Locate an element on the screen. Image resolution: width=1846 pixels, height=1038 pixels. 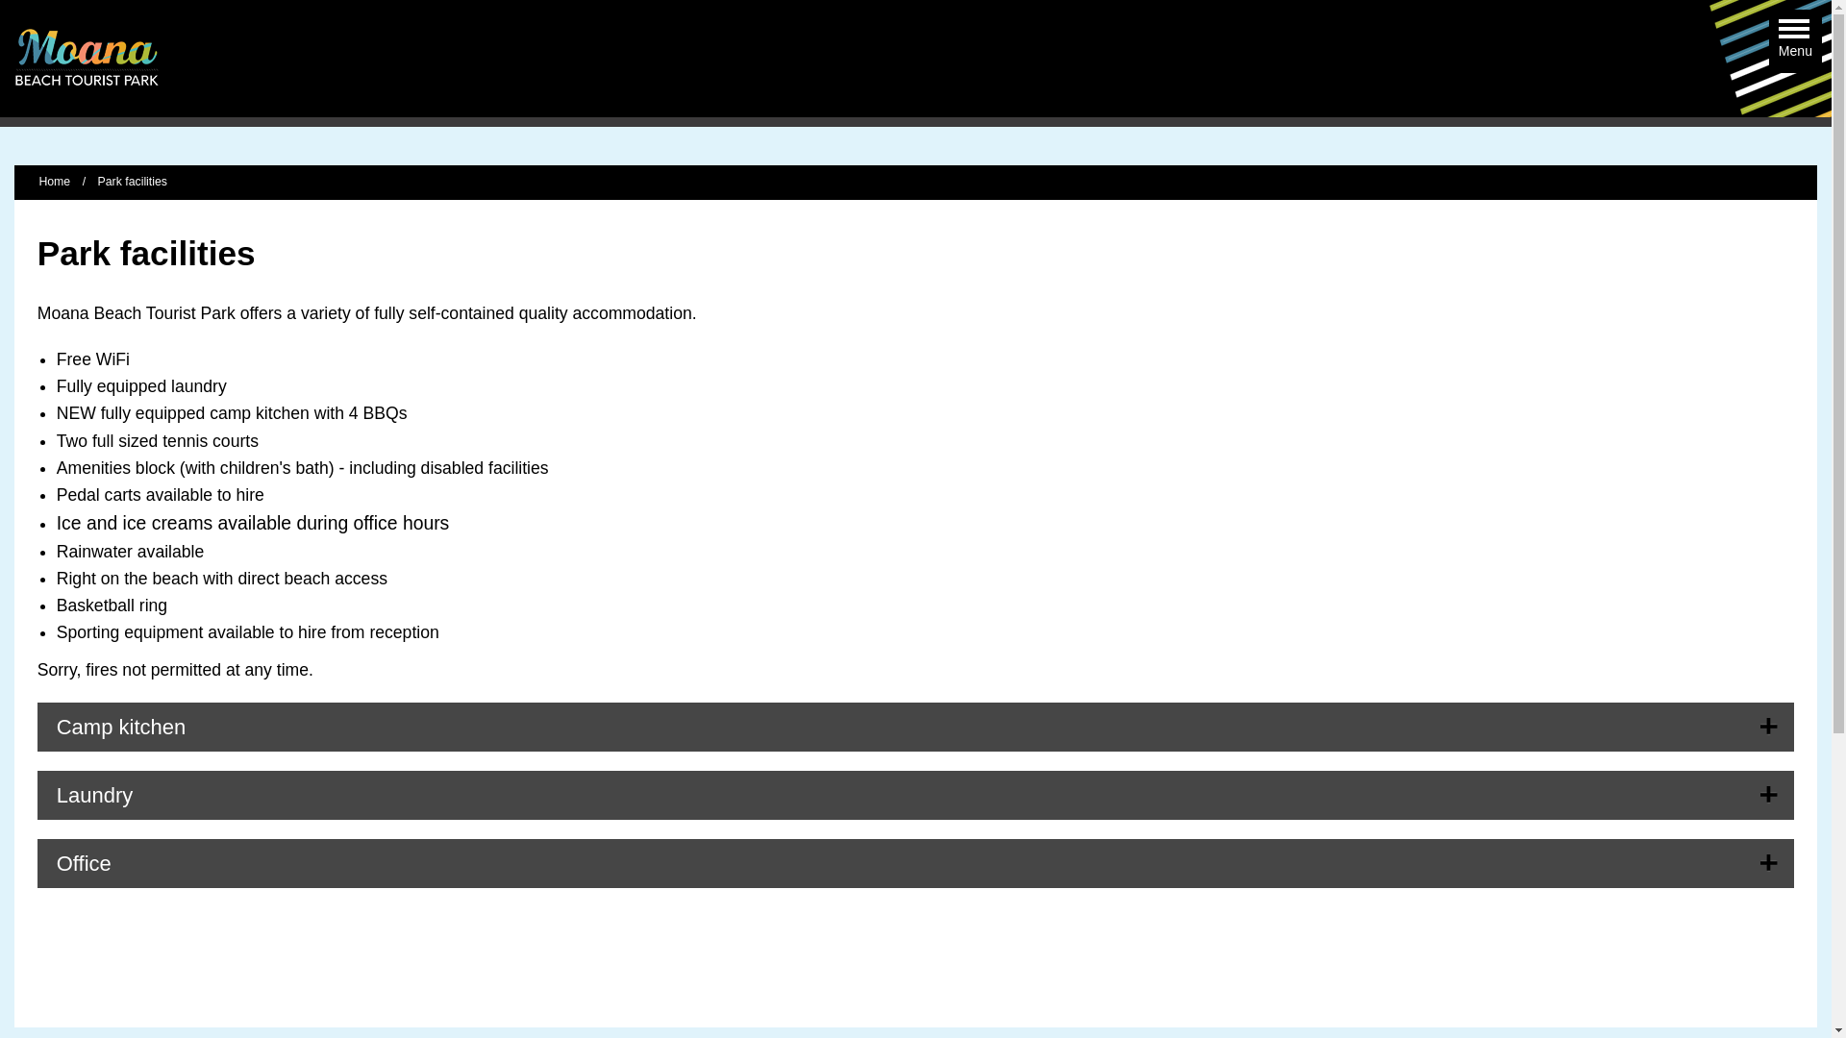
'Home' is located at coordinates (54, 182).